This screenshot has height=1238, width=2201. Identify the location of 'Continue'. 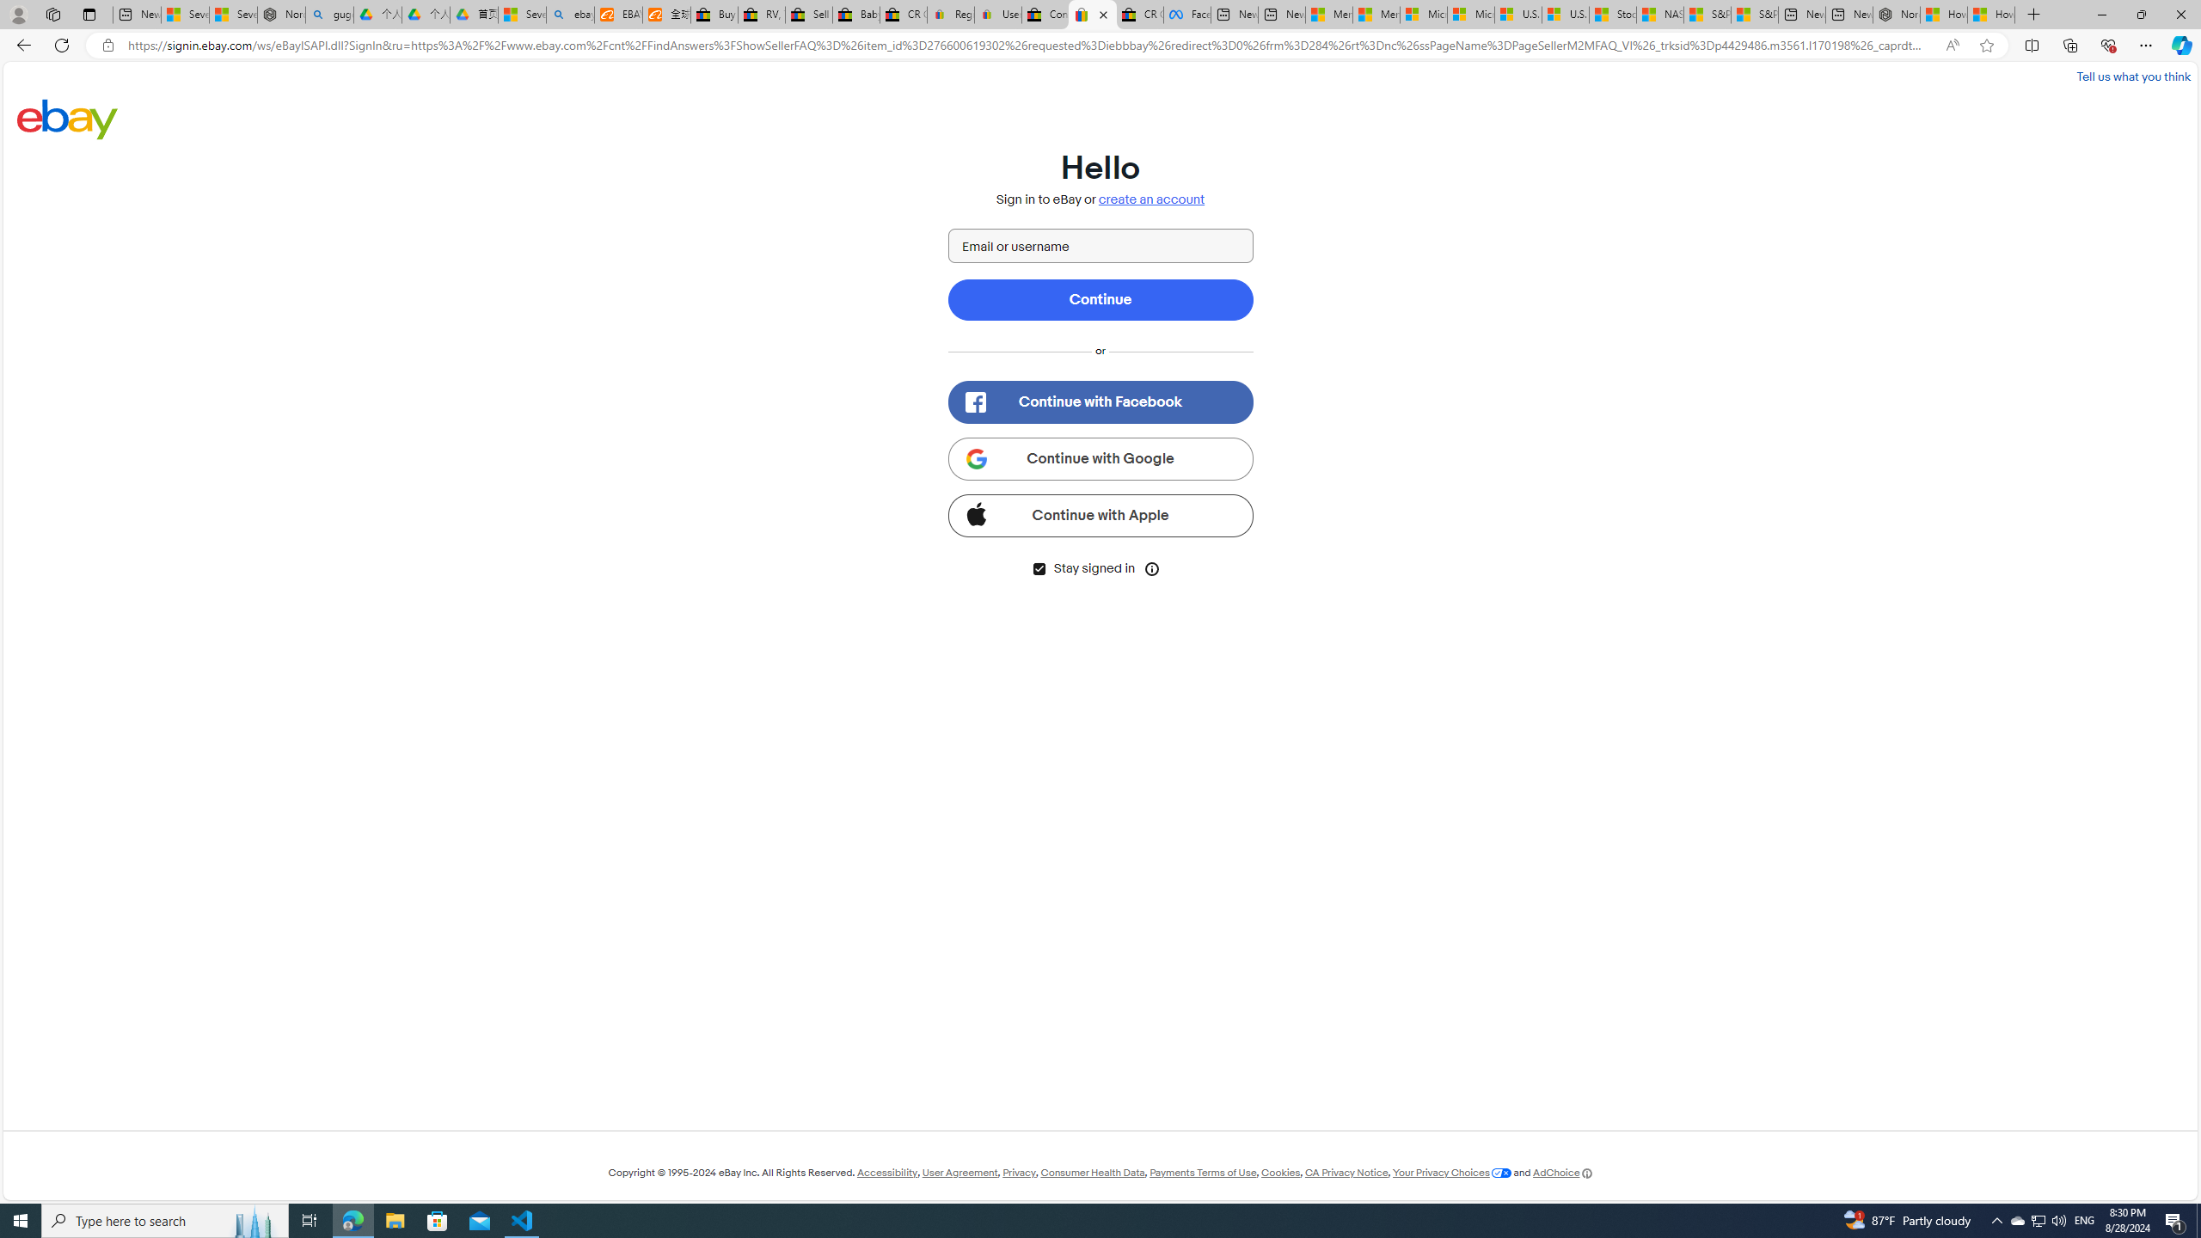
(1100, 299).